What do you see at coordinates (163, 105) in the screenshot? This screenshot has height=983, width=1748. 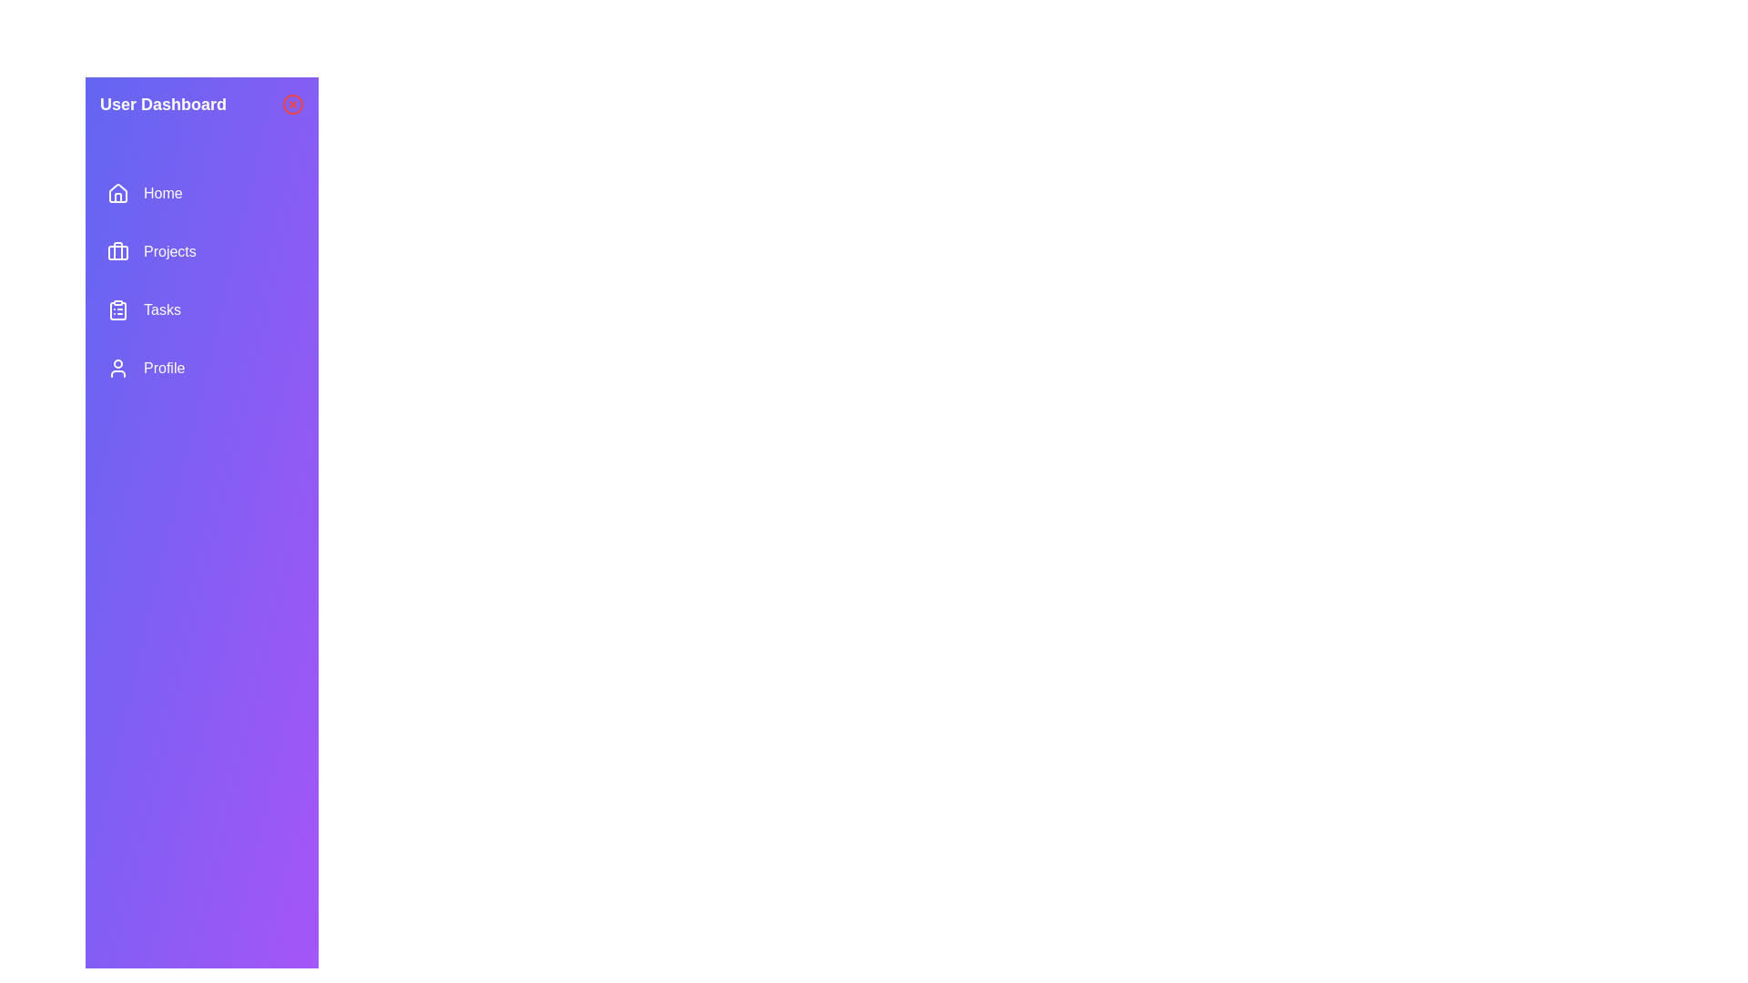 I see `the static Text label that indicates the title or heading of the current section, located at the top-left of the header section of the sidebar layout, just to the left of the close button with an 'X' icon` at bounding box center [163, 105].